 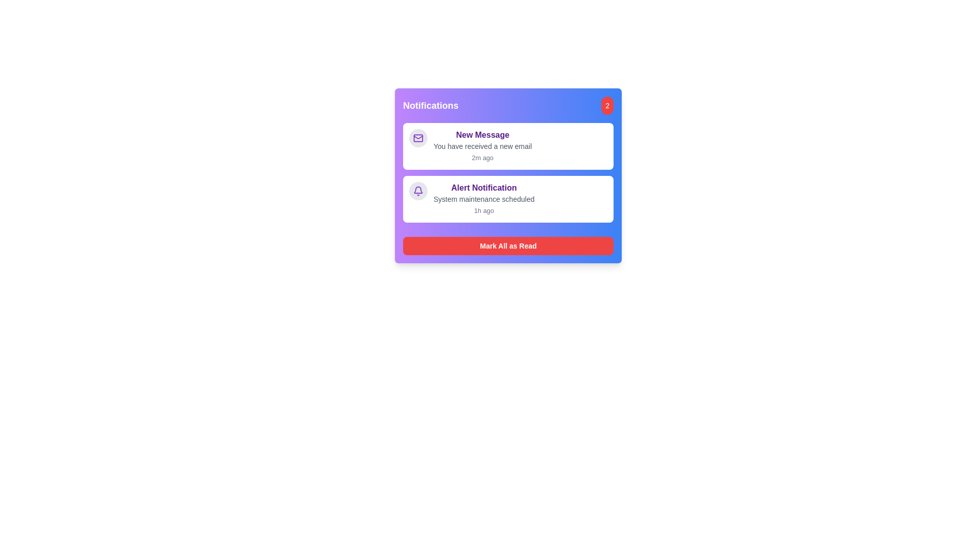 What do you see at coordinates (607, 106) in the screenshot?
I see `the circular badge with a red background and the white number '2' centered inside it, located at the top right corner of the 'Notifications' header` at bounding box center [607, 106].